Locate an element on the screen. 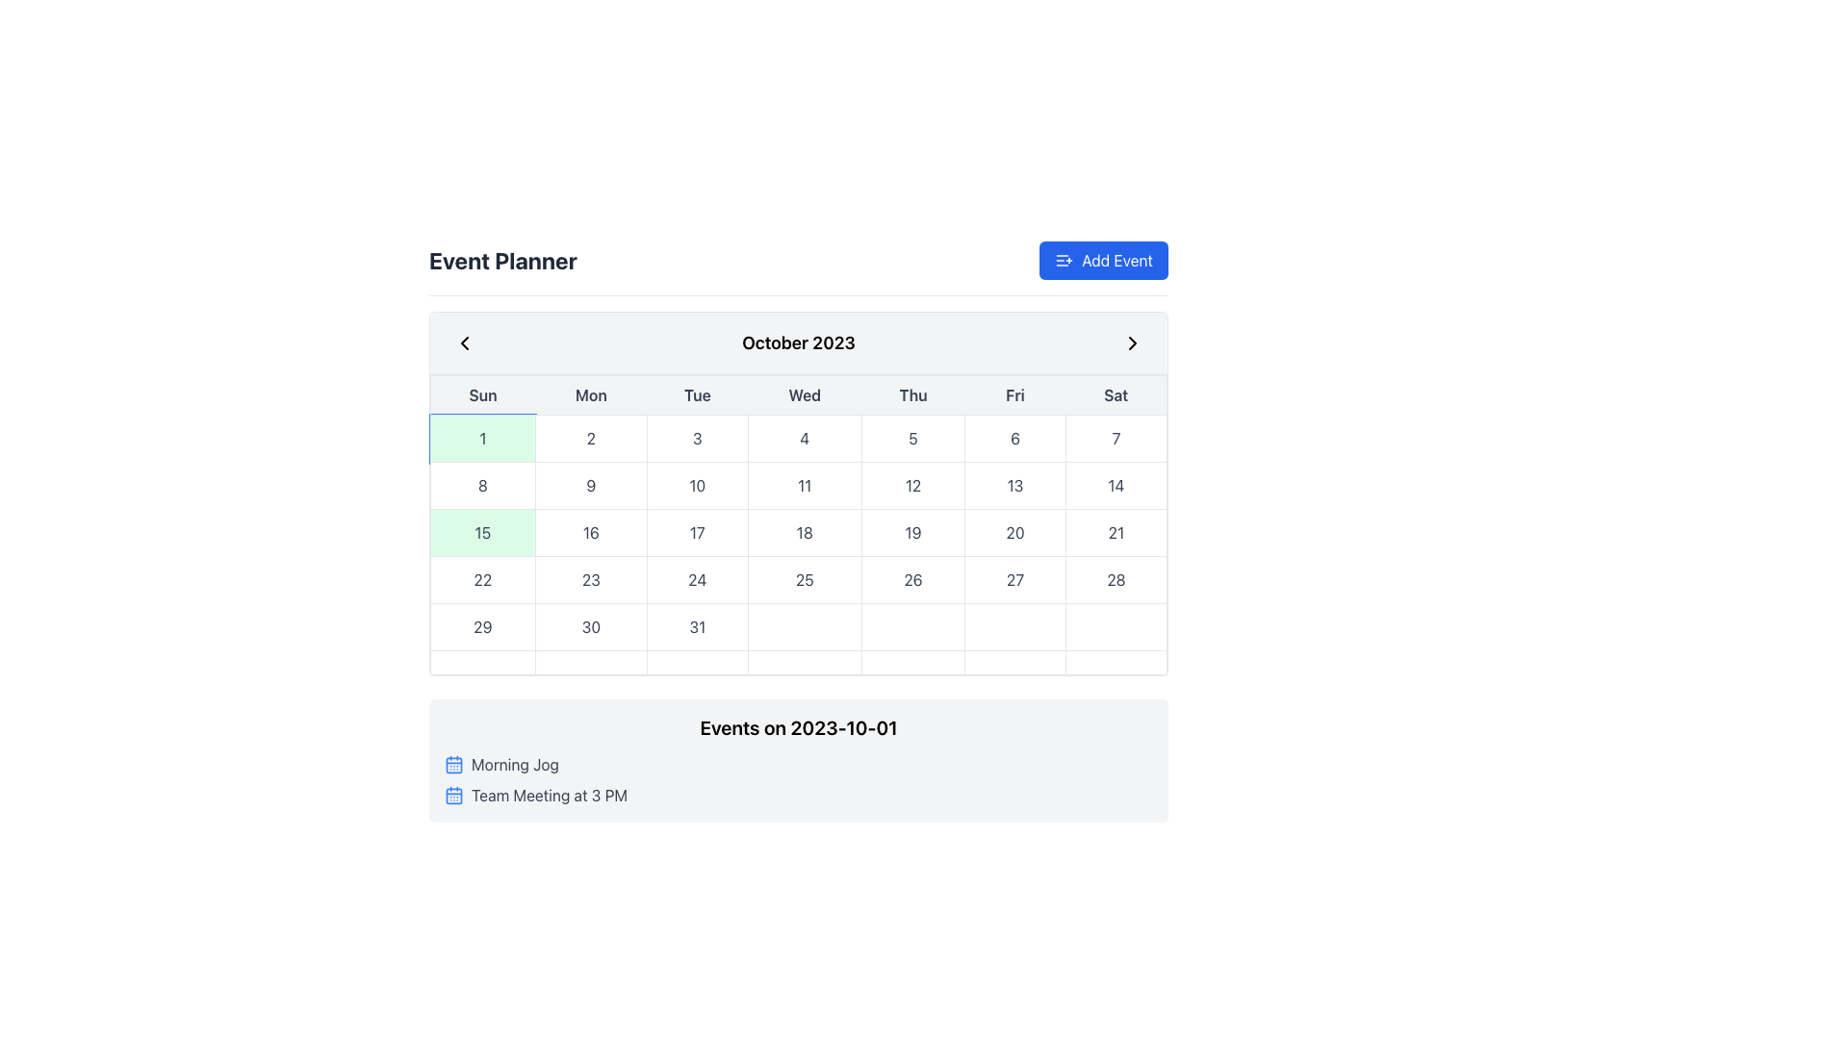 The height and width of the screenshot is (1039, 1848). the Static Text Label displaying 'Mon' within the row of day abbreviations in the calendar component is located at coordinates (590, 394).